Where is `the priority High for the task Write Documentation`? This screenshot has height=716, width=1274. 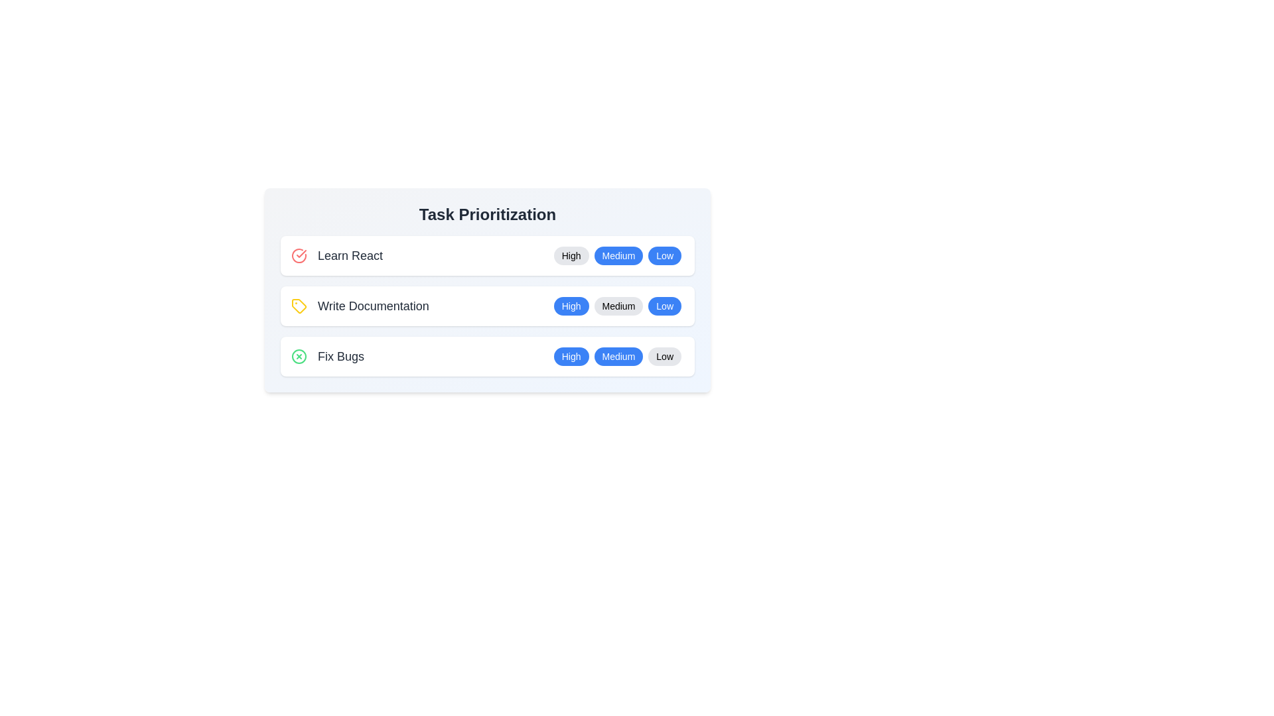
the priority High for the task Write Documentation is located at coordinates (571, 306).